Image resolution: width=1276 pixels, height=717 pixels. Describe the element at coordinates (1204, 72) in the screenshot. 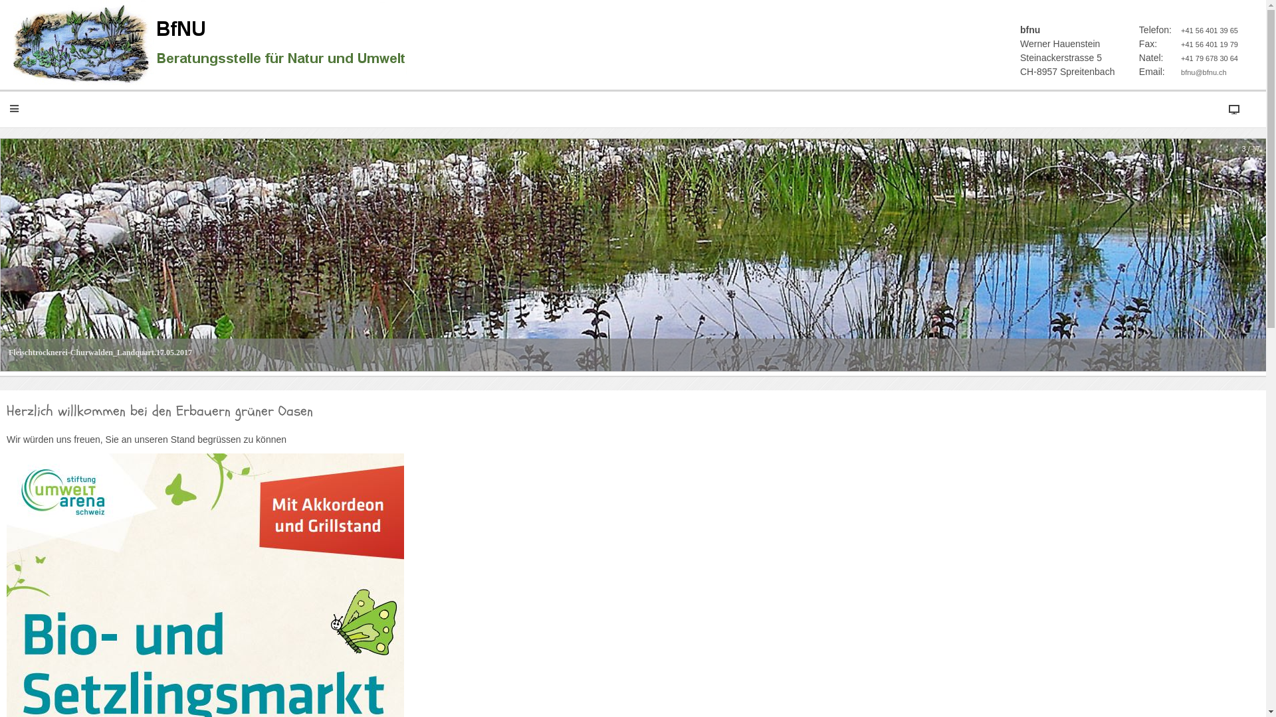

I see `'bfnu@bfnu.ch'` at that location.